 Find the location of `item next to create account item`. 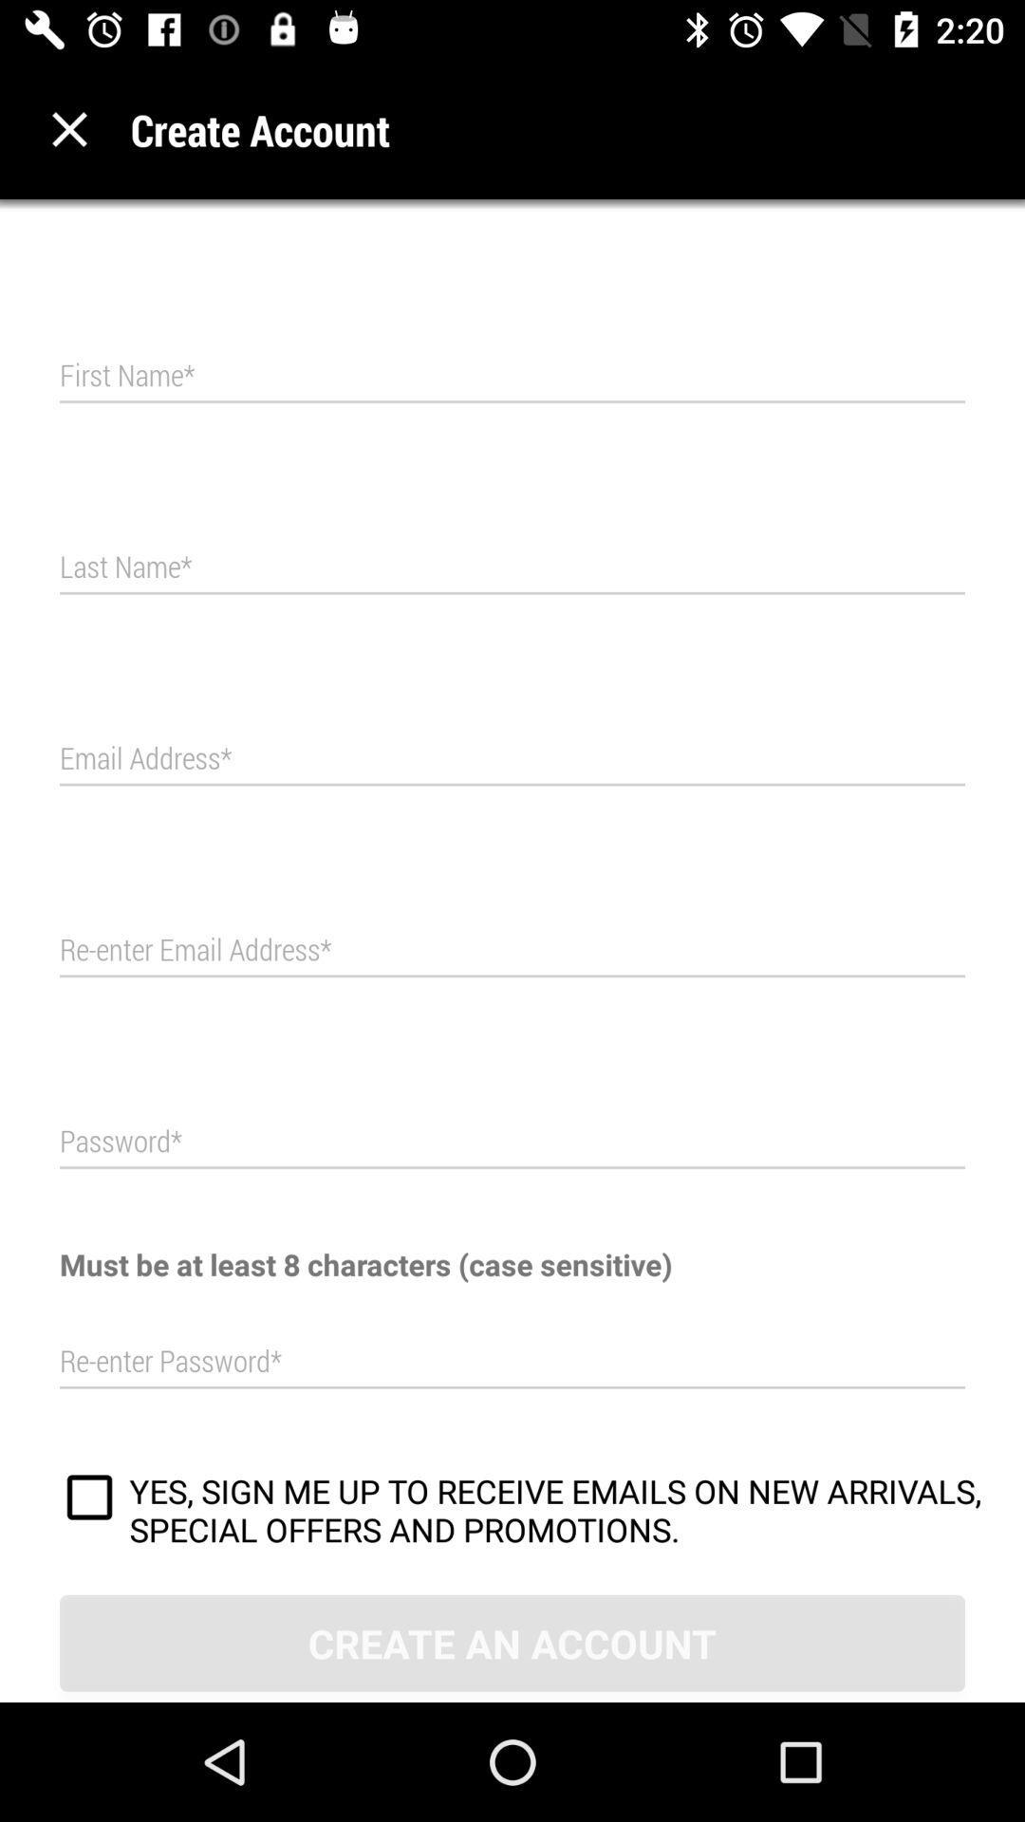

item next to create account item is located at coordinates (68, 128).